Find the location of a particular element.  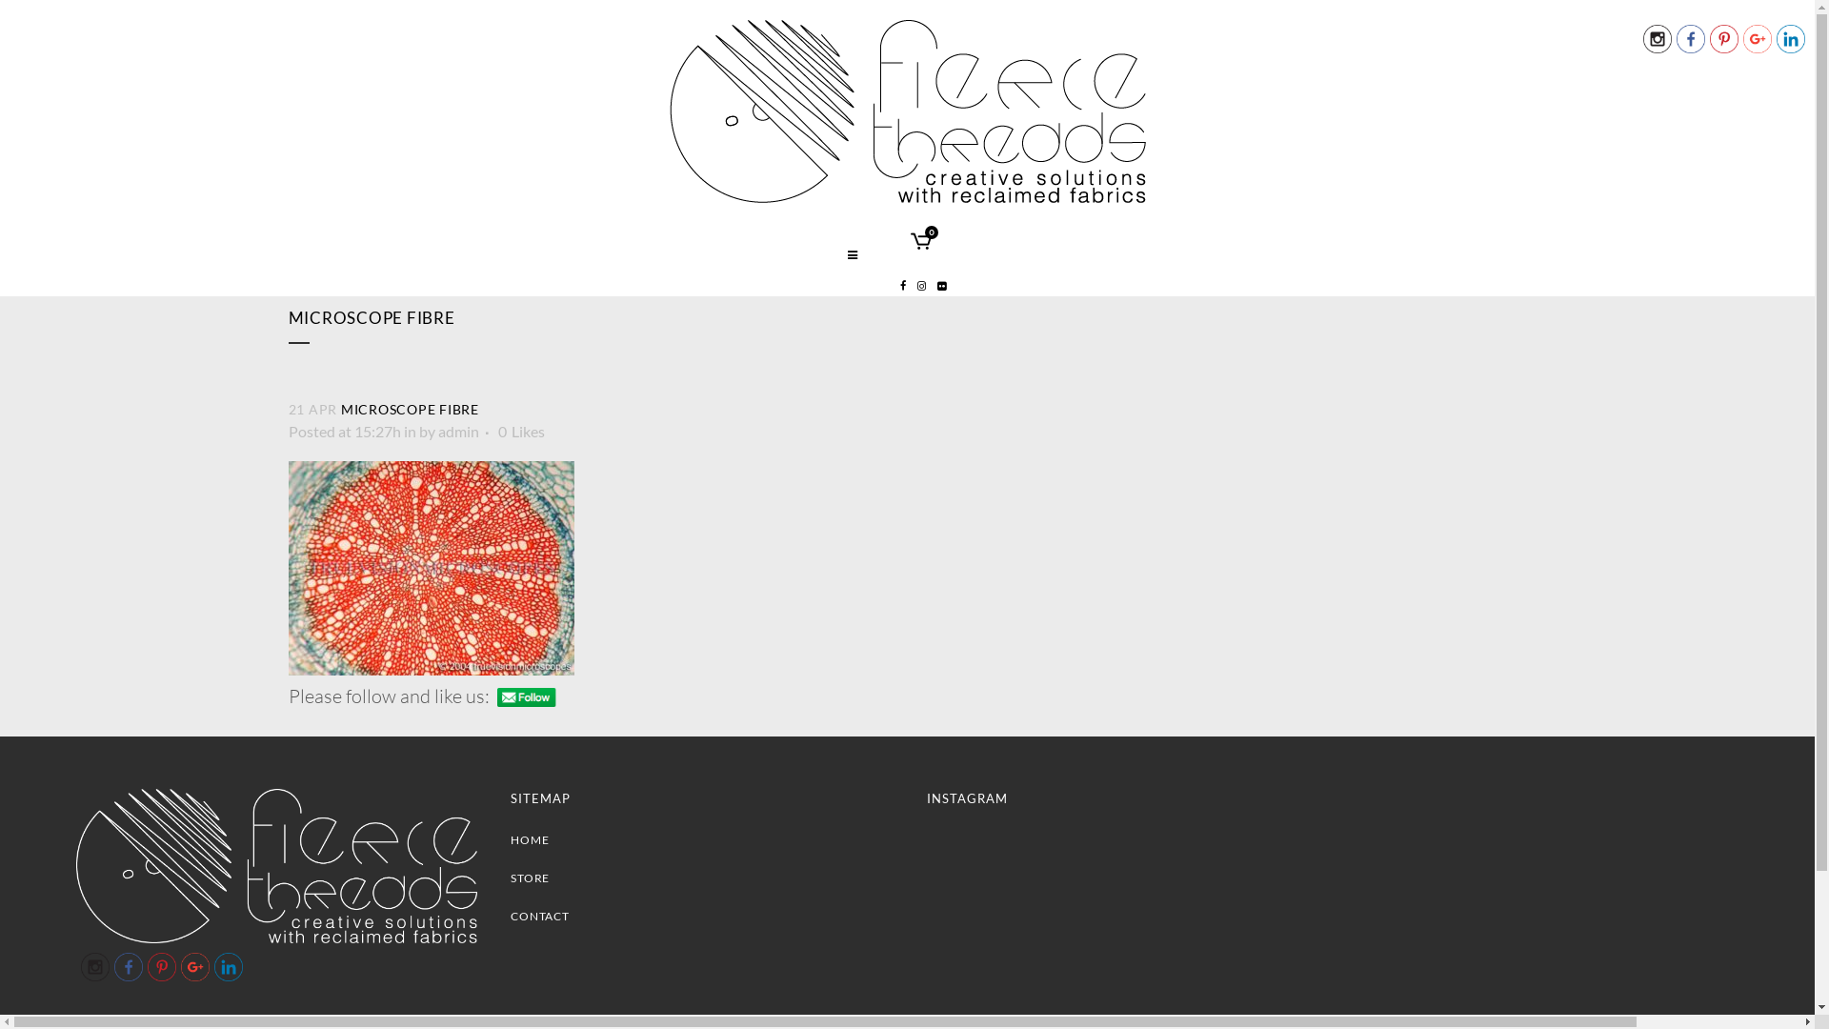

'STORE' is located at coordinates (703, 878).